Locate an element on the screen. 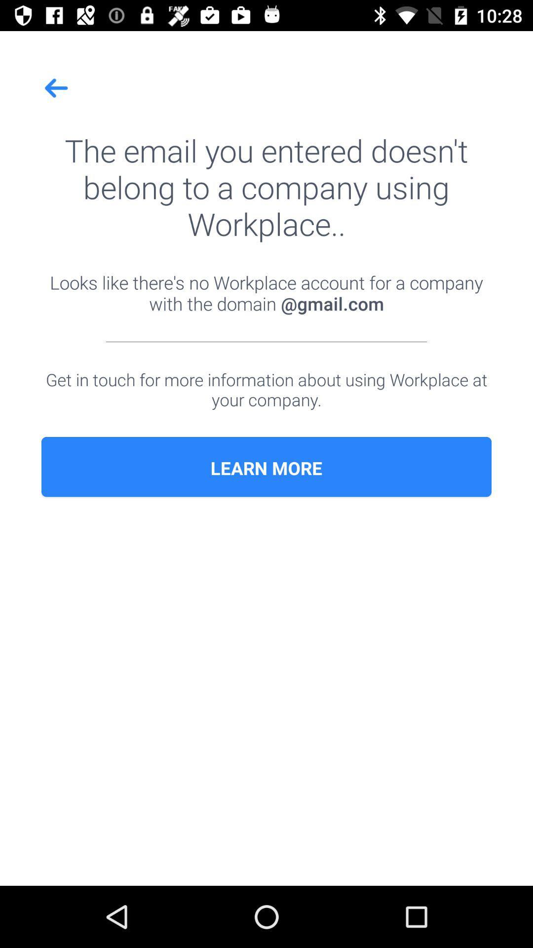 The height and width of the screenshot is (948, 533). learn more is located at coordinates (266, 468).